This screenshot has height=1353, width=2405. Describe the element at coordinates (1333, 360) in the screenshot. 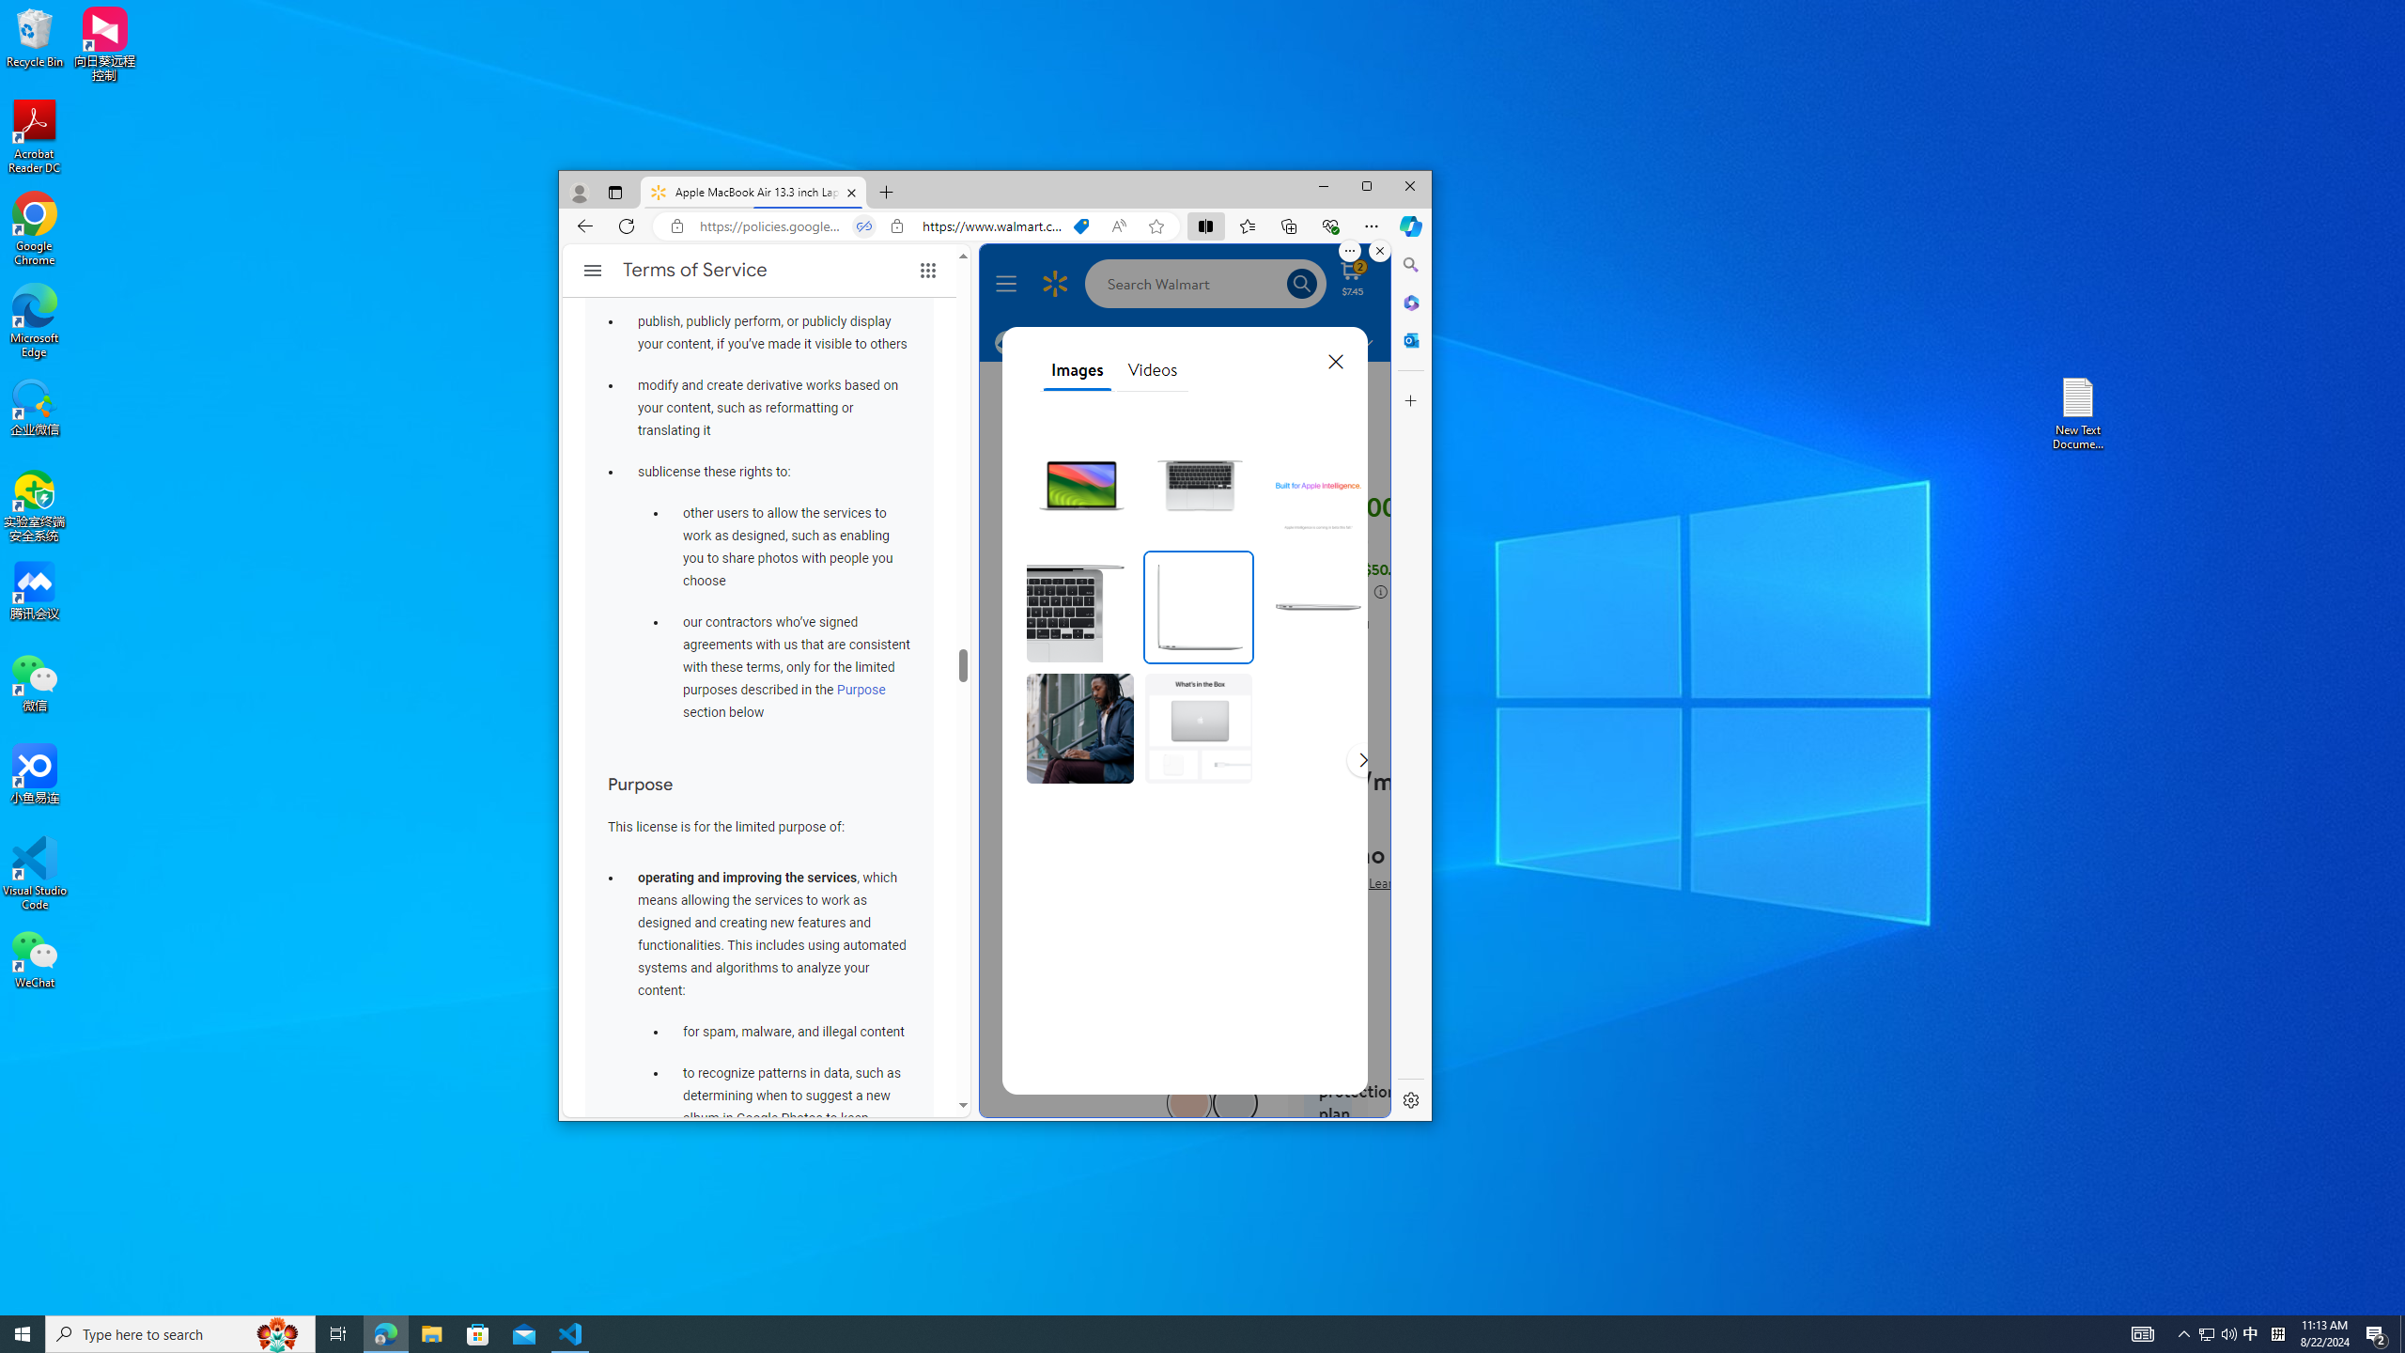

I see `'Close dialog'` at that location.